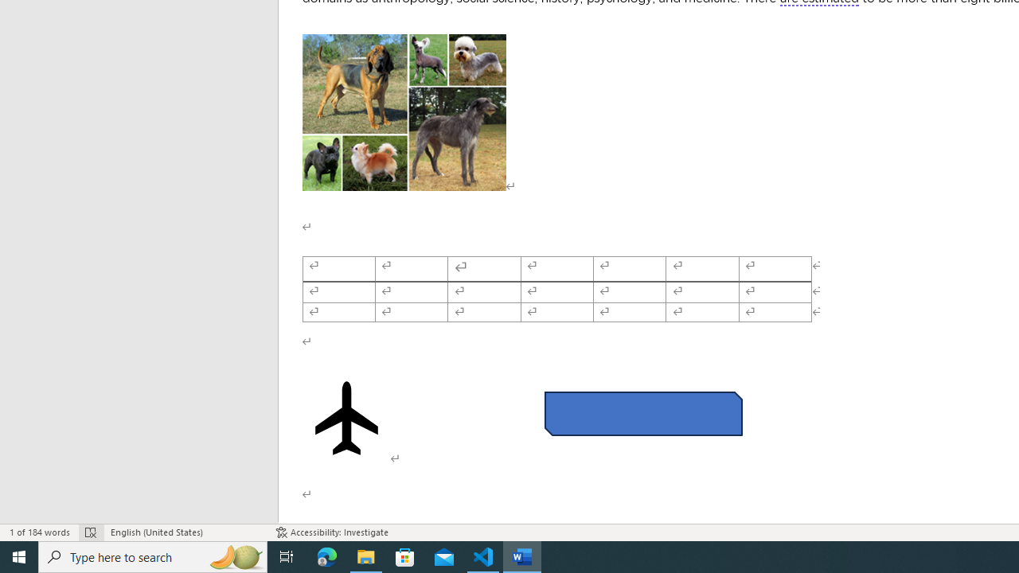 The height and width of the screenshot is (573, 1019). Describe the element at coordinates (90, 532) in the screenshot. I see `'Spelling and Grammar Check Errors'` at that location.